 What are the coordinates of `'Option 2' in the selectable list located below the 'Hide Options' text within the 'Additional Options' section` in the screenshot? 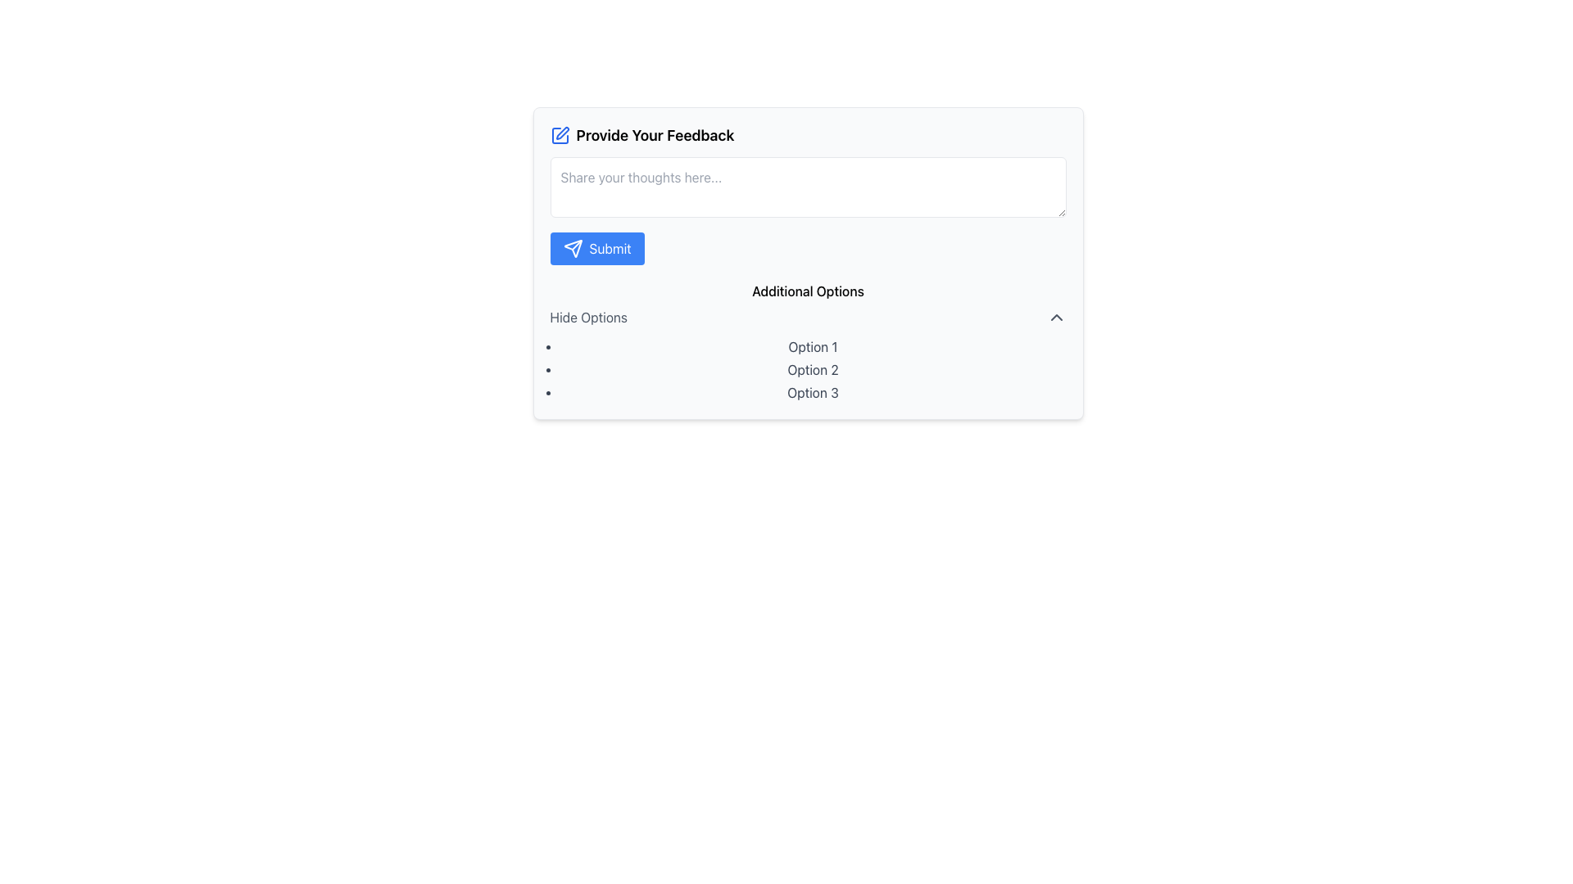 It's located at (808, 369).